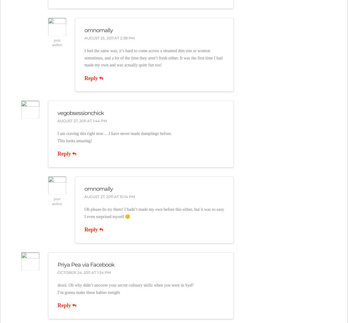  I want to click on 'drool. Oh why didn’t uncover your secret culinary skillz when you were in Syd?', so click(125, 285).